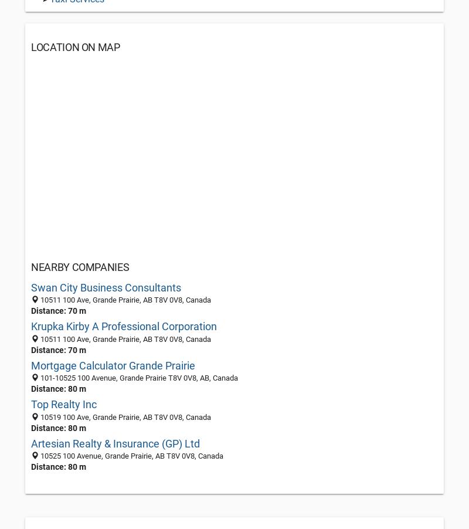 The width and height of the screenshot is (469, 529). What do you see at coordinates (30, 326) in the screenshot?
I see `'Krupka Kirby A Professional Corporation'` at bounding box center [30, 326].